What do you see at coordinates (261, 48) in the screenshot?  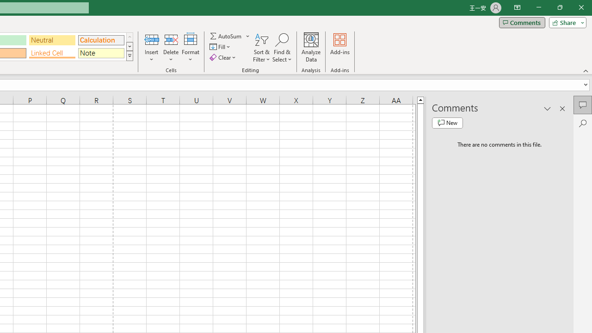 I see `'Sort & Filter'` at bounding box center [261, 48].